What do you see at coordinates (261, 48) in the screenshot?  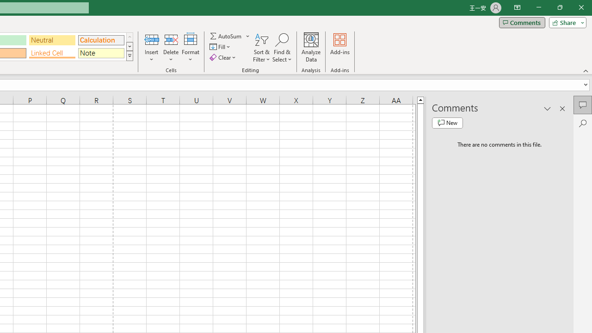 I see `'Sort & Filter'` at bounding box center [261, 48].